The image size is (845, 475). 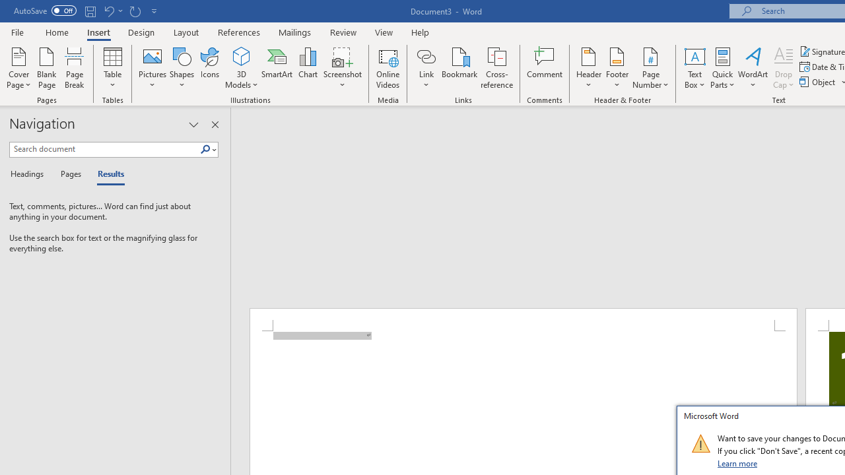 I want to click on 'Text Box', so click(x=694, y=68).